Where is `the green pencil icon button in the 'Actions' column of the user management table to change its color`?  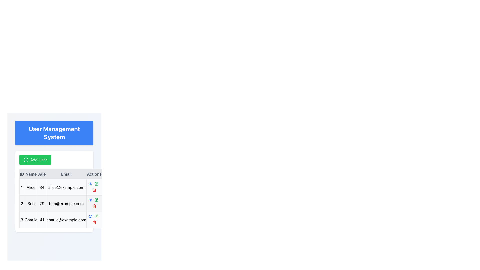
the green pencil icon button in the 'Actions' column of the user management table to change its color is located at coordinates (96, 216).